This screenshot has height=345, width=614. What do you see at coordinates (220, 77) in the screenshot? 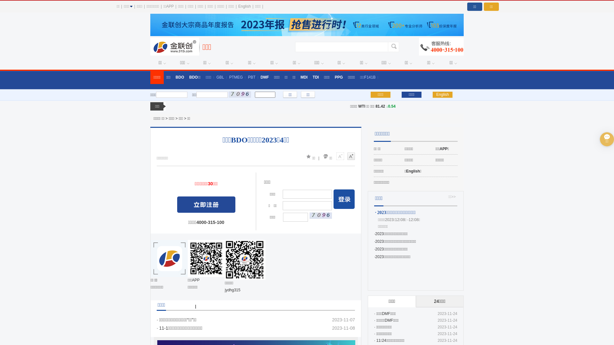
I see `'GBL'` at bounding box center [220, 77].